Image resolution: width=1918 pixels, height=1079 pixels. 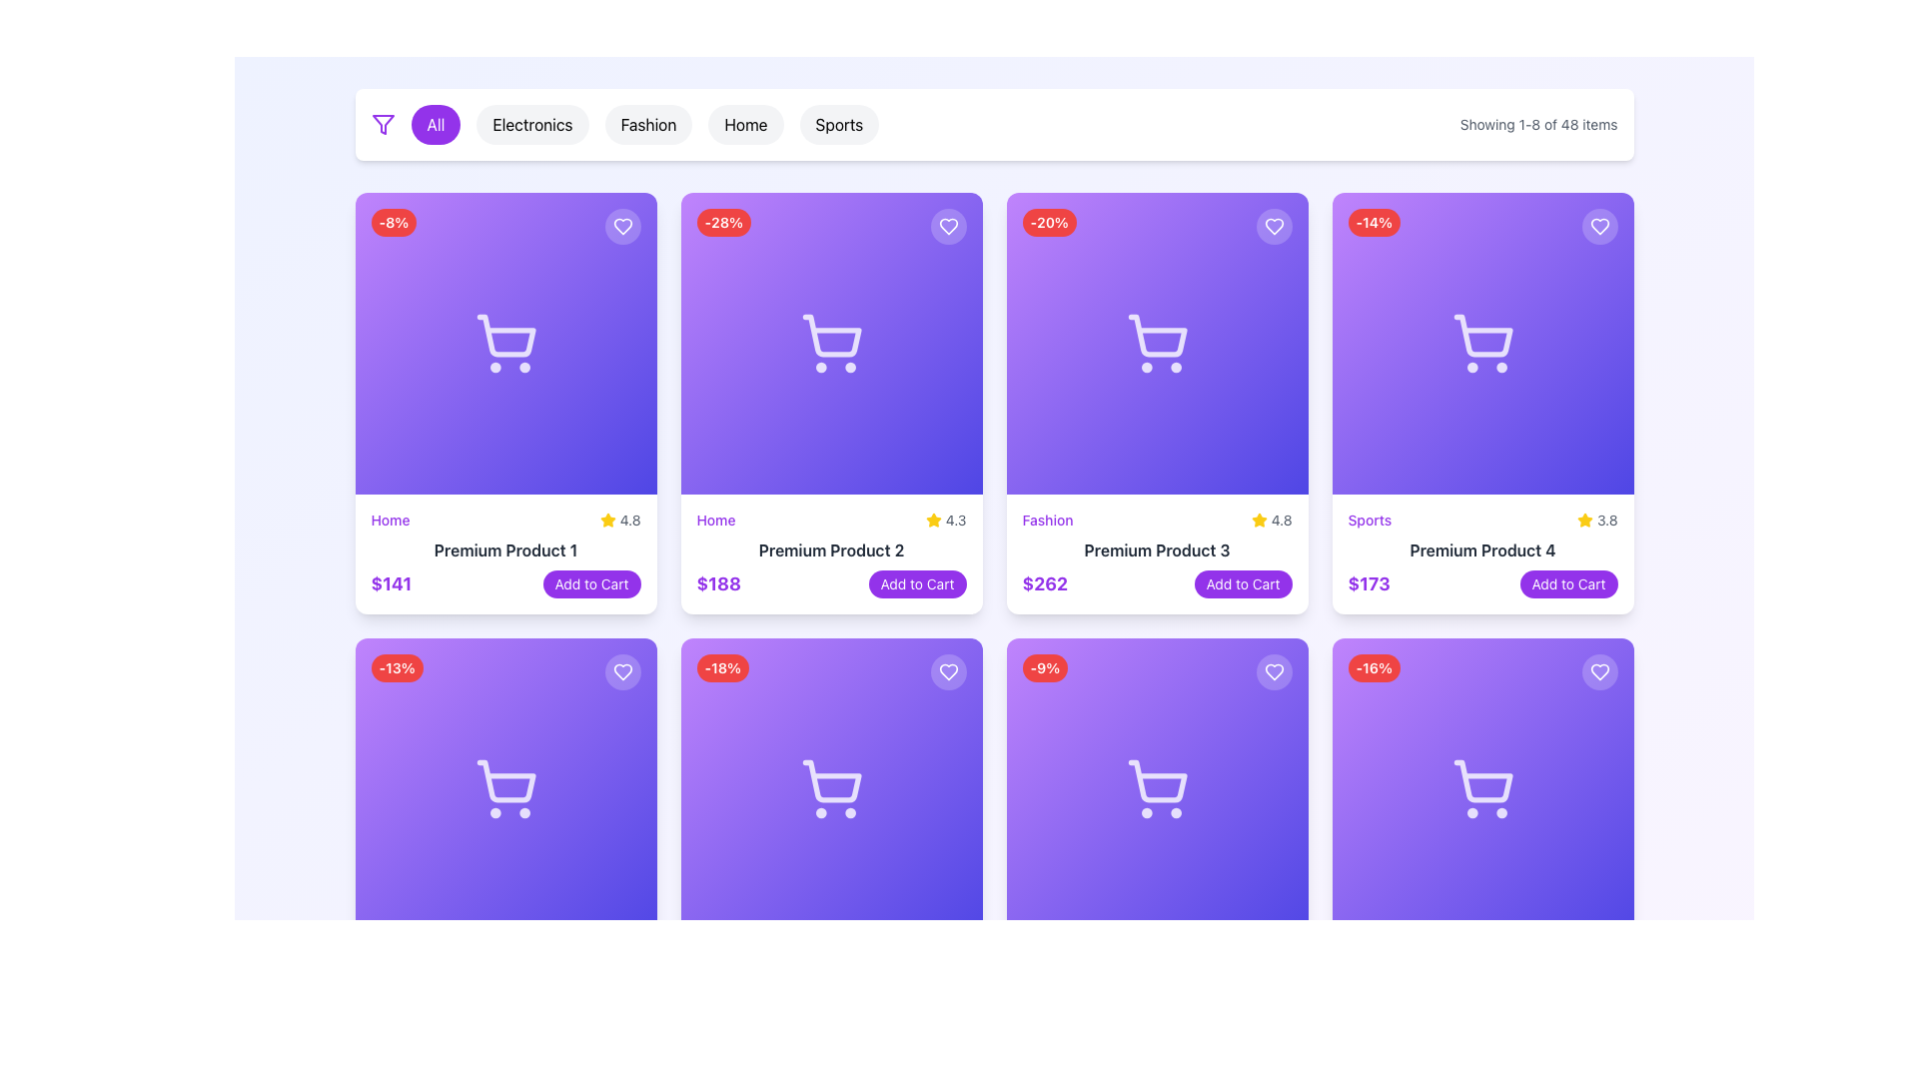 What do you see at coordinates (1607, 519) in the screenshot?
I see `the static text displaying the numeric rating value for 'Premium Product 4', located to the right of the yellow star icon` at bounding box center [1607, 519].